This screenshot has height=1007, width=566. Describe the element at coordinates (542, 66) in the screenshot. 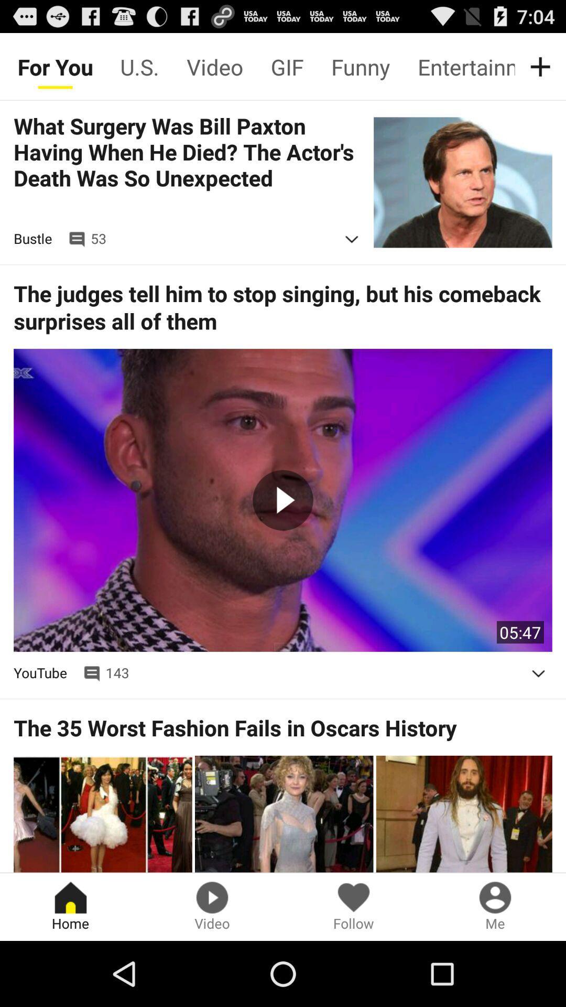

I see `the icon to the right of the entertainment` at that location.